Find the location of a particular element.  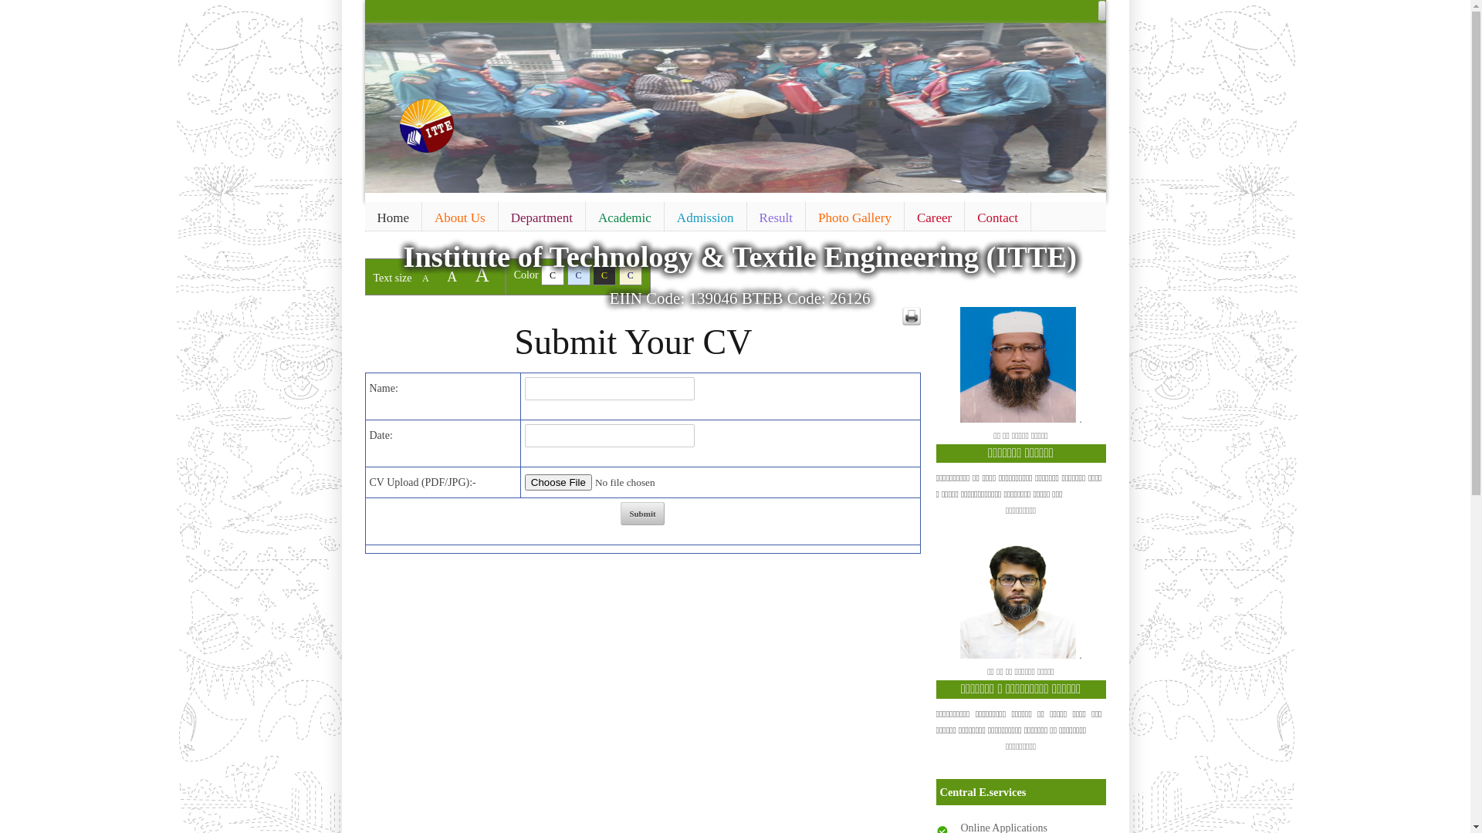

'C' is located at coordinates (577, 275).